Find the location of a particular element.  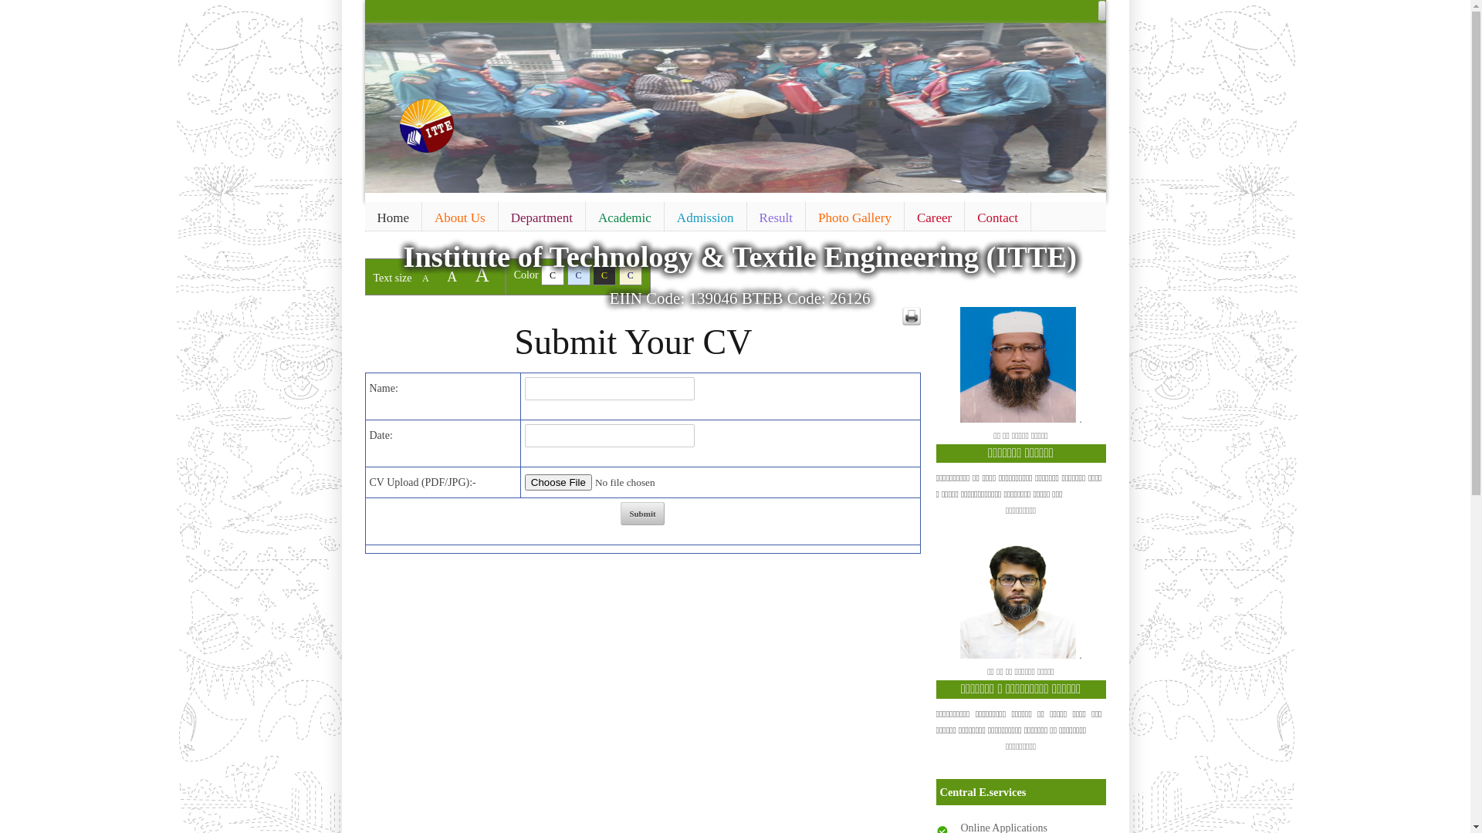

'C' is located at coordinates (577, 275).